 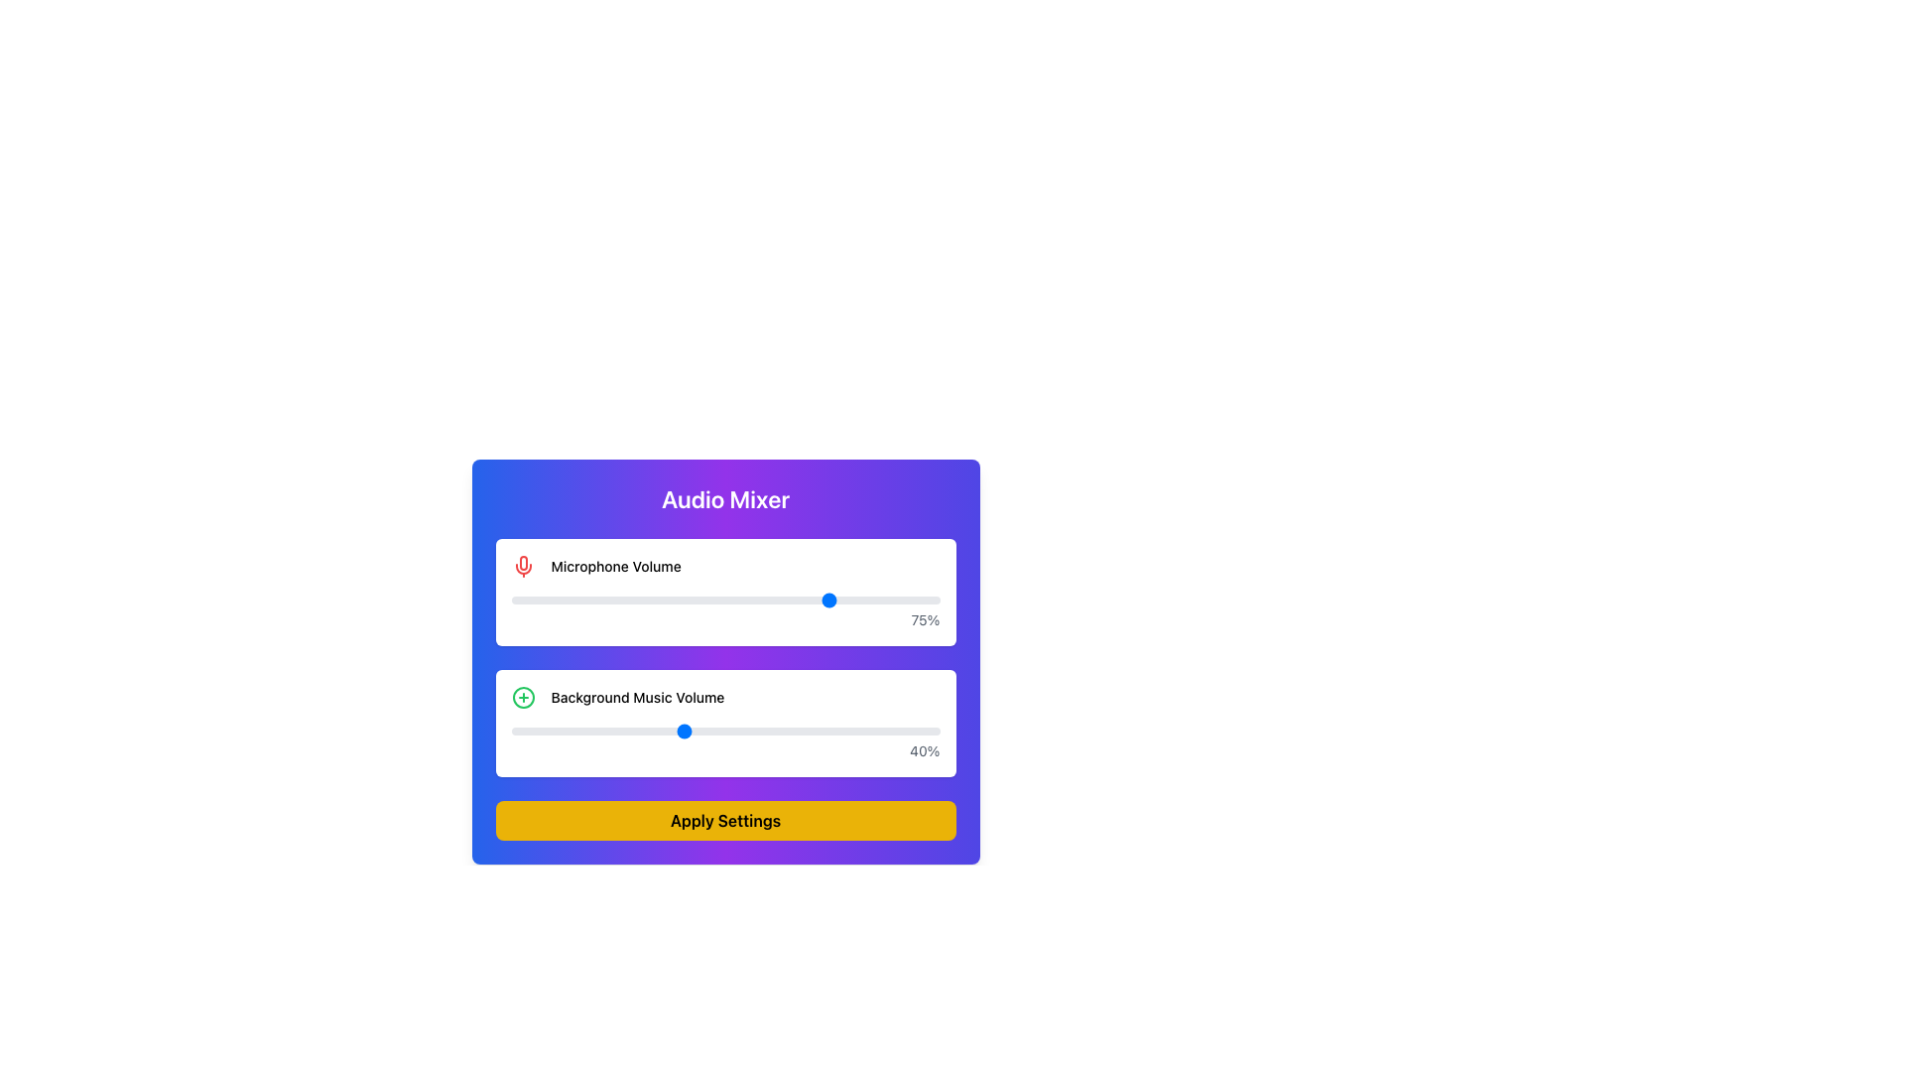 I want to click on the background music volume, so click(x=785, y=731).